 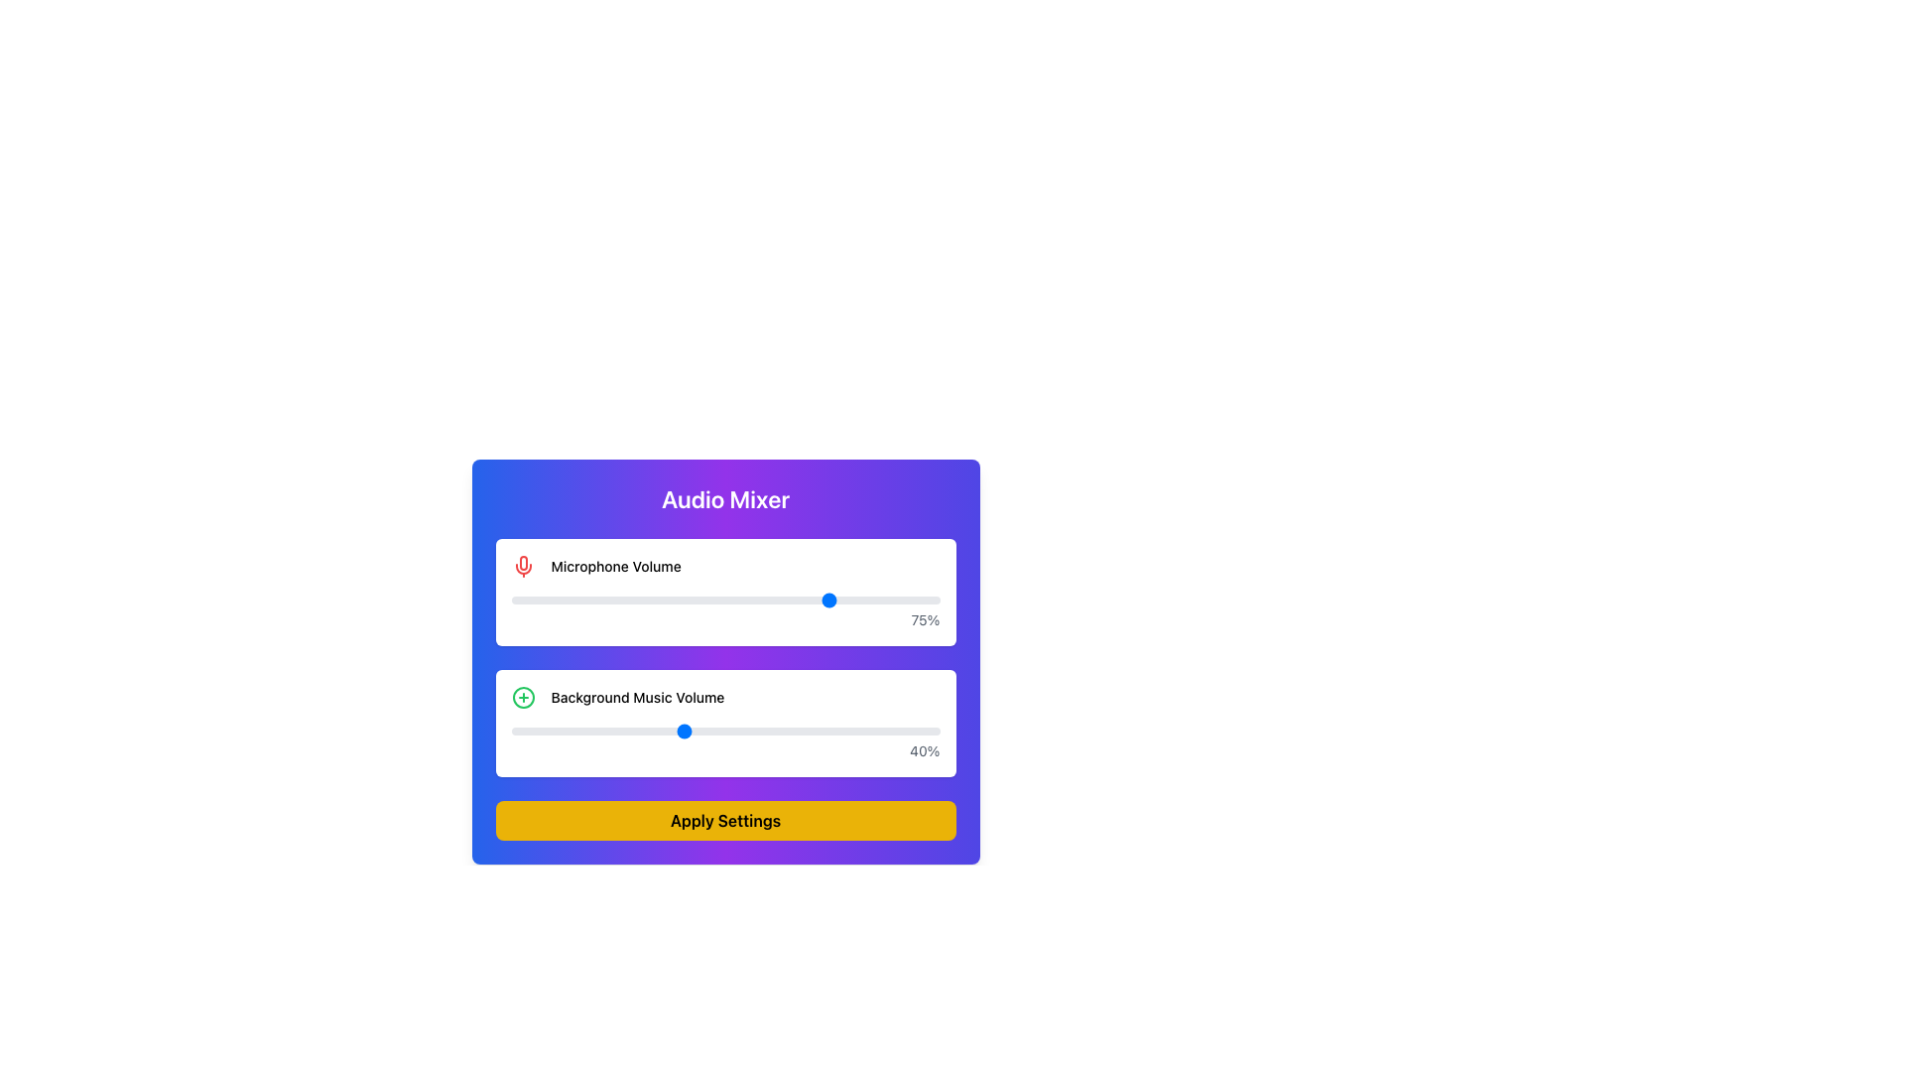 I want to click on the background music volume, so click(x=785, y=731).